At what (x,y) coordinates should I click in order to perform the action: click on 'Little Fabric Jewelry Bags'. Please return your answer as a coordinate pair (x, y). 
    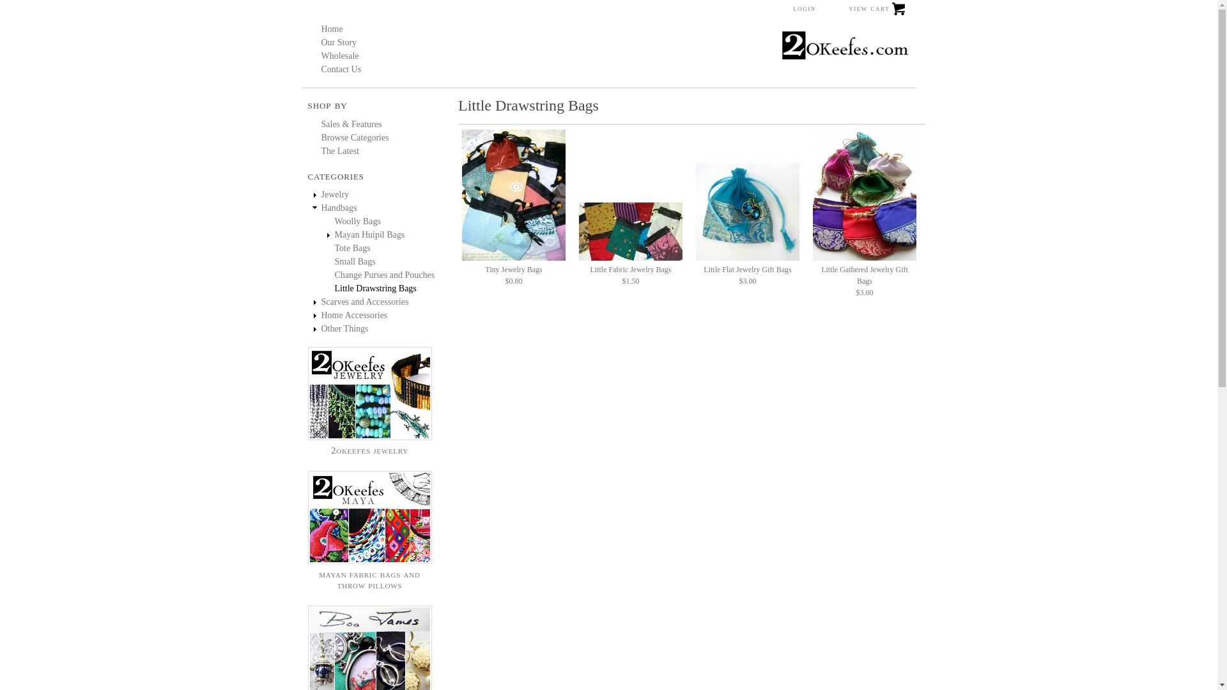
    Looking at the image, I should click on (631, 231).